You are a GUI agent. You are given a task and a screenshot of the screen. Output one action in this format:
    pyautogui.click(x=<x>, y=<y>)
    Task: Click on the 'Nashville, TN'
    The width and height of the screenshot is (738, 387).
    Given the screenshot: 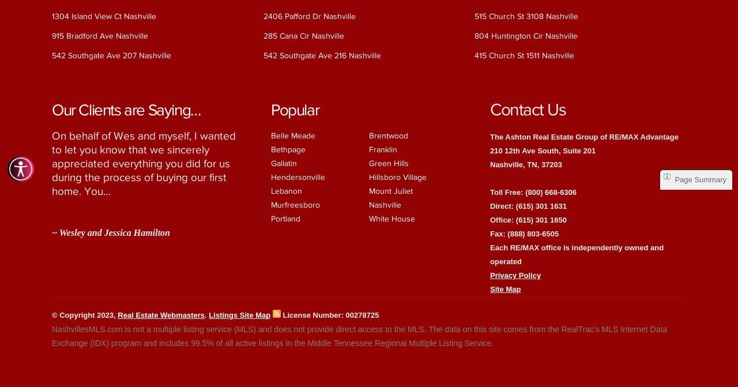 What is the action you would take?
    pyautogui.click(x=513, y=164)
    